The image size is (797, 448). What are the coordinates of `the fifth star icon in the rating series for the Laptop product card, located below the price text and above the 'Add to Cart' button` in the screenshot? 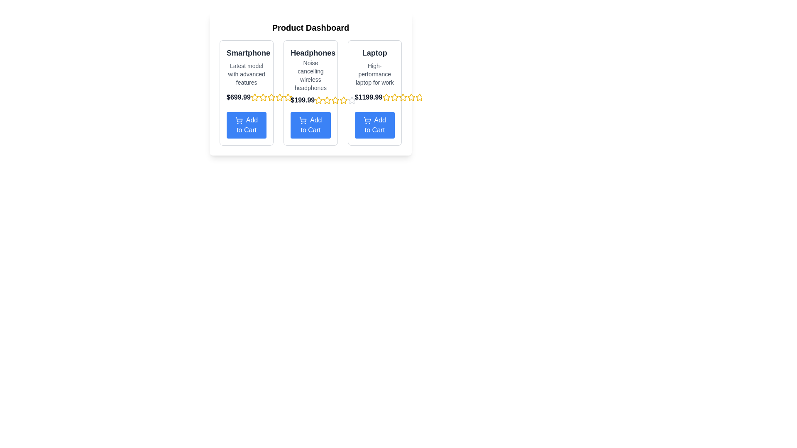 It's located at (386, 97).